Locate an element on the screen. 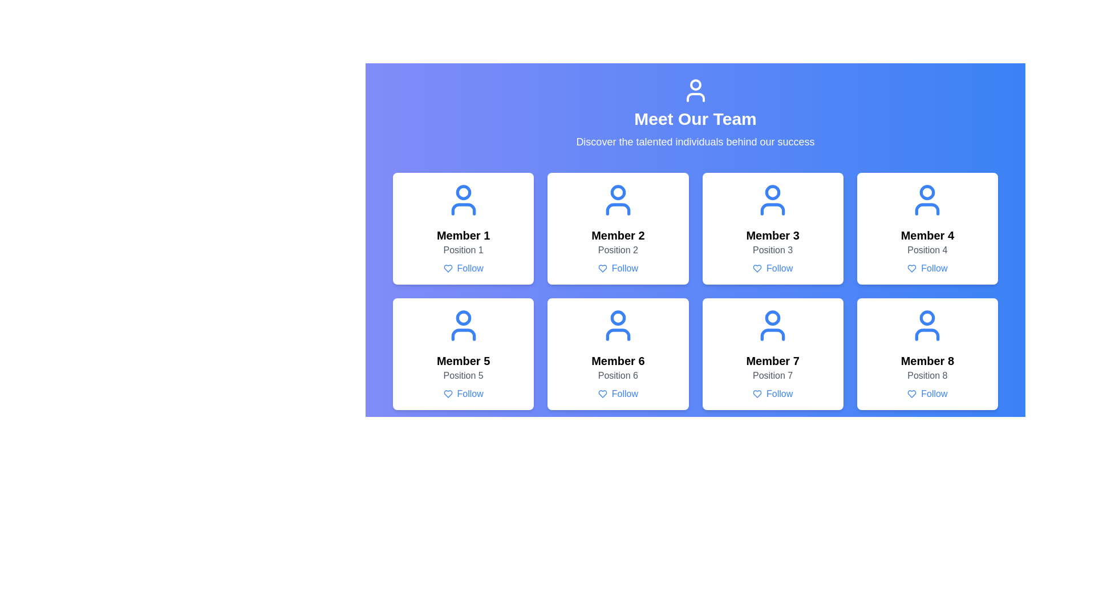 The height and width of the screenshot is (616, 1095). the user avatar icon located at the bottom-right corner of the 'Member 8' card, which is the topmost component in its grid layout is located at coordinates (927, 325).